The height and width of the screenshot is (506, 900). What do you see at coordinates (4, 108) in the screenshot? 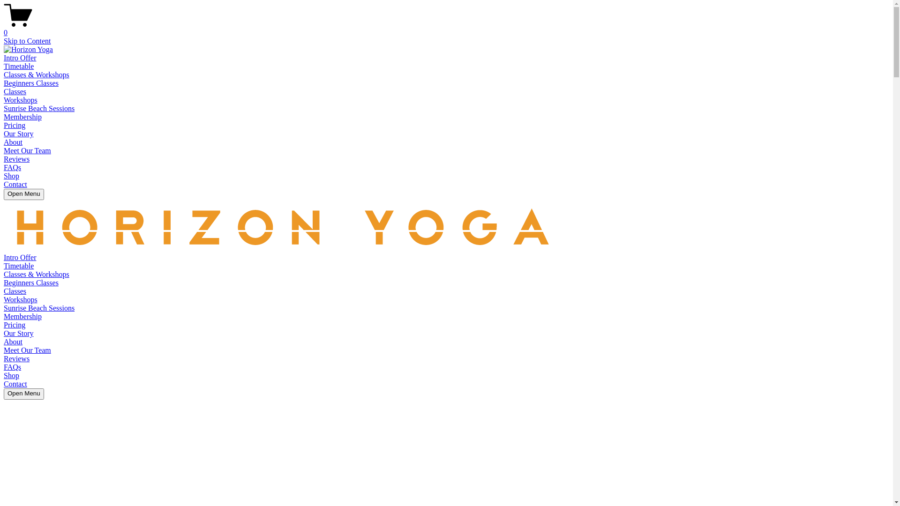
I see `'Sunrise Beach Sessions'` at bounding box center [4, 108].